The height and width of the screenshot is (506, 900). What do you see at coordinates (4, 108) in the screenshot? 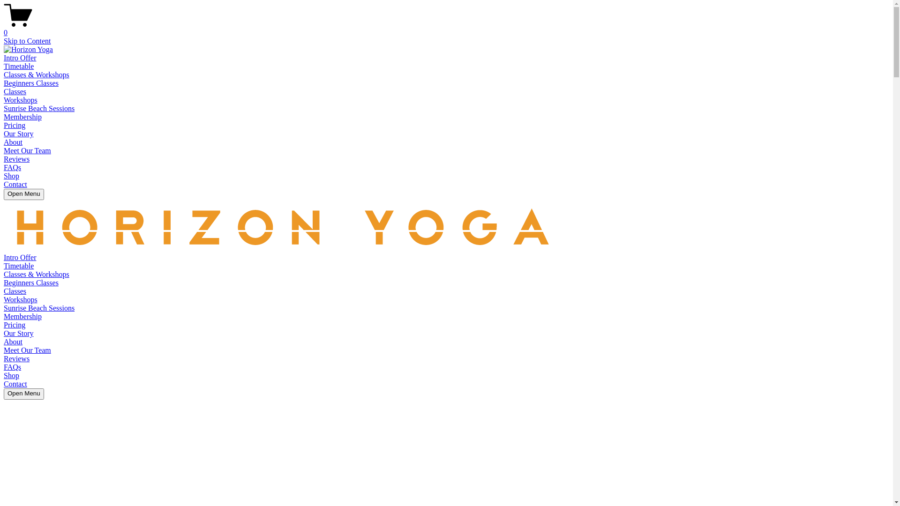
I see `'Sunrise Beach Sessions'` at bounding box center [4, 108].